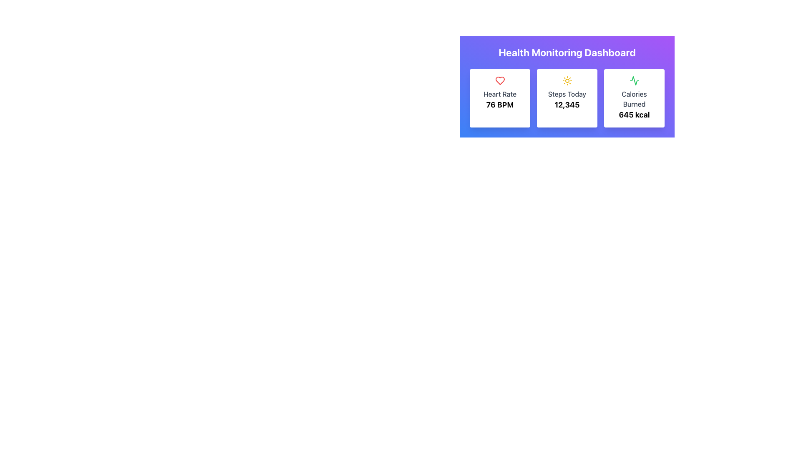 Image resolution: width=801 pixels, height=450 pixels. I want to click on the text label displaying '645 kcal' which is styled with a bold, large font and positioned within a white card with rounded corners, located below the 'Calories Burned' label, so click(634, 115).